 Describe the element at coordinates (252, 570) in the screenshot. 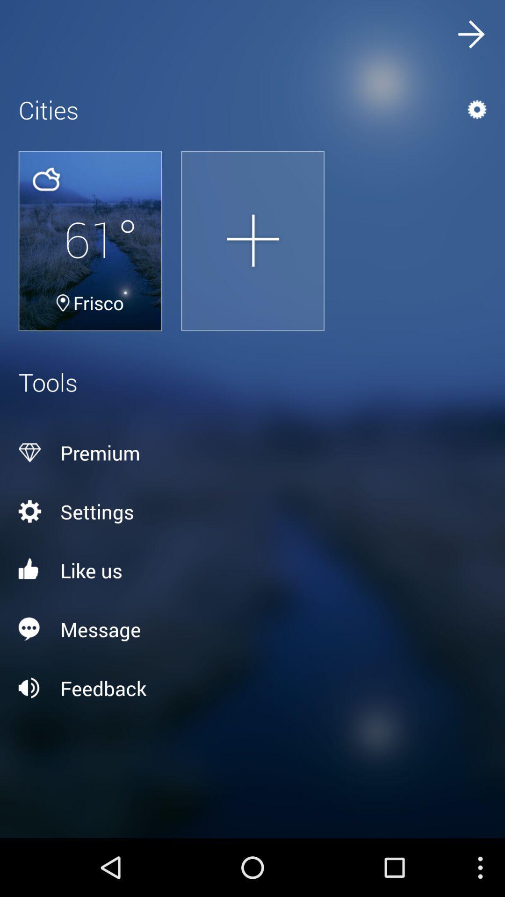

I see `like us option` at that location.